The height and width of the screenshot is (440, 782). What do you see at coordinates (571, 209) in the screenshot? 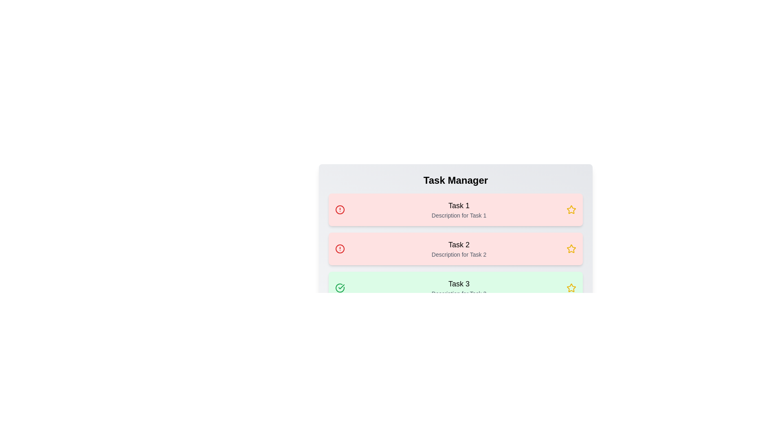
I see `the star icon corresponding to 1 to mark it as a favorite` at bounding box center [571, 209].